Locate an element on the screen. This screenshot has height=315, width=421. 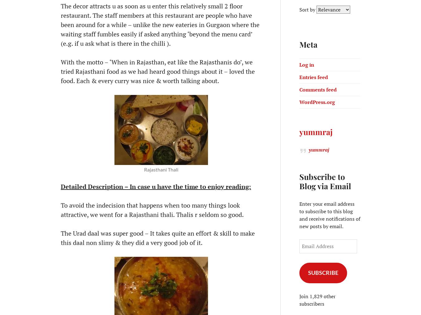
'Meta' is located at coordinates (308, 44).